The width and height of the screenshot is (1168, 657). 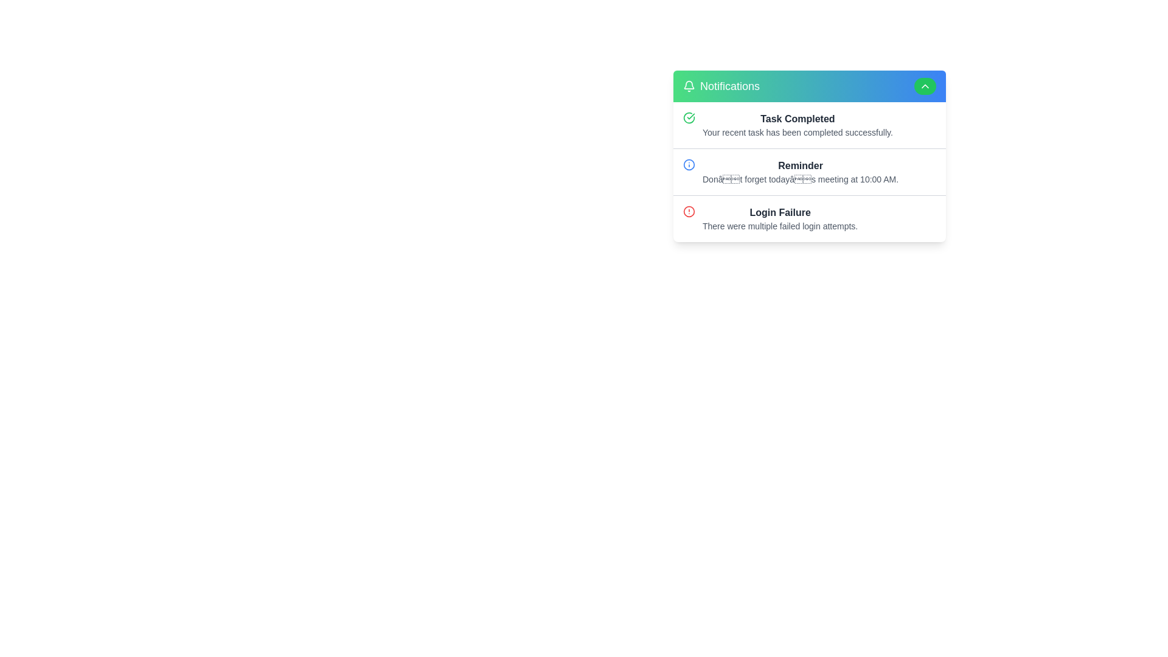 I want to click on information displayed in the third notification card, which notifies the user of failed login attempts and is located below the 'Reminder' notification in the notifications panel, so click(x=780, y=218).